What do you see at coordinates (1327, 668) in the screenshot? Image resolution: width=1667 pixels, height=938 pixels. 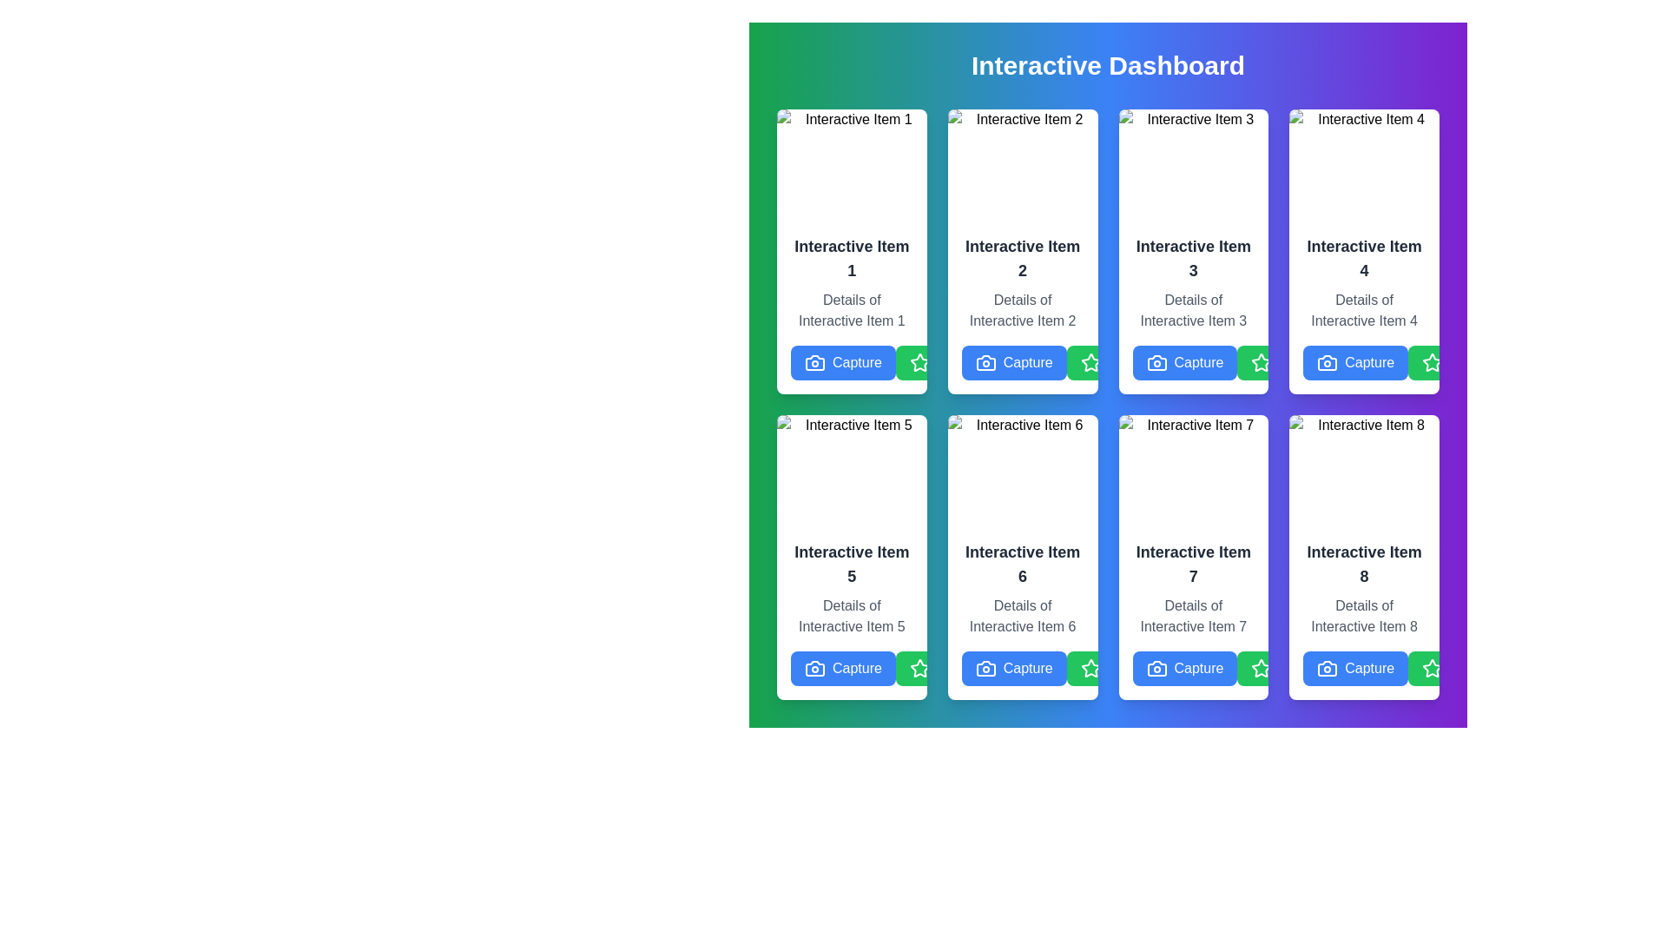 I see `the camera icon styled with a circular lens, located left of the word 'Capture' within a blue rounded button at the bottom of the Interactive Item 8 panel` at bounding box center [1327, 668].